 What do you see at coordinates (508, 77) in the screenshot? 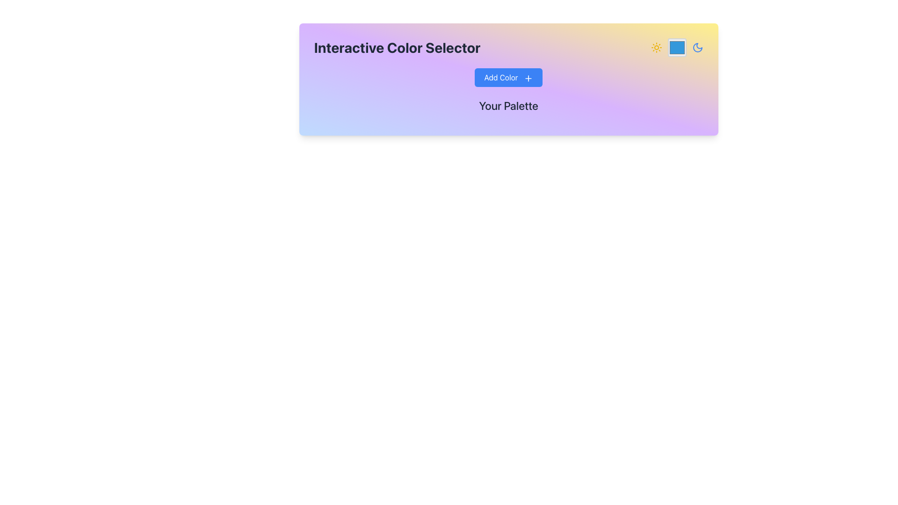
I see `the button located centrally below the 'Interactive Color Selector' heading` at bounding box center [508, 77].